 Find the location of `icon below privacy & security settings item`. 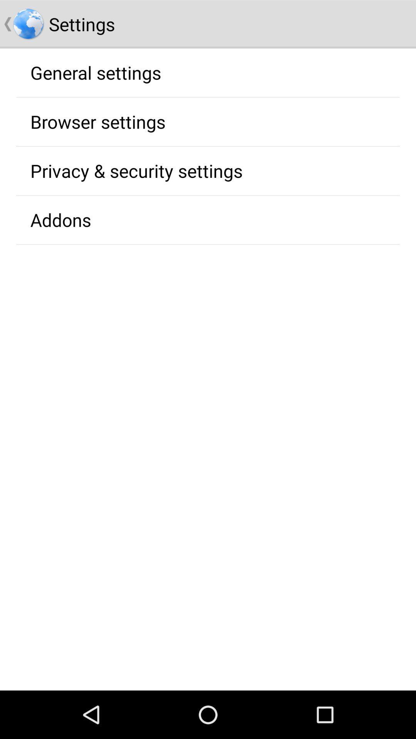

icon below privacy & security settings item is located at coordinates (60, 219).